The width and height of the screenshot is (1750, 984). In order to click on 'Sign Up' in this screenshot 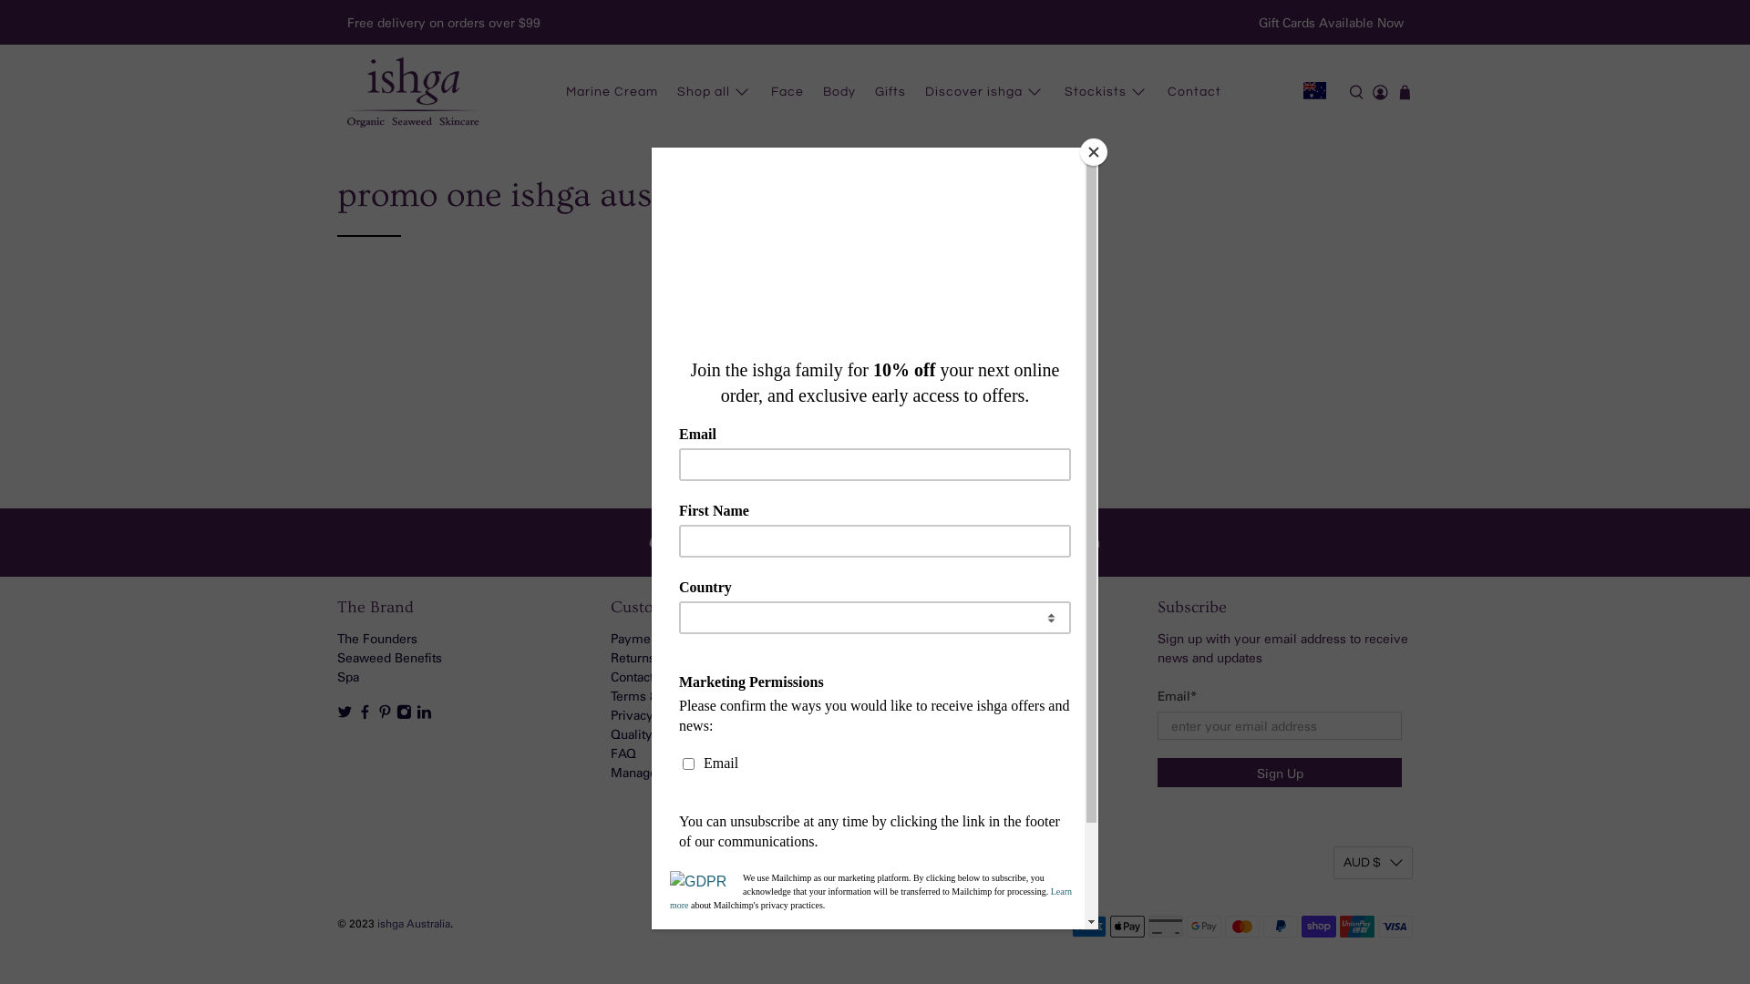, I will do `click(1278, 773)`.